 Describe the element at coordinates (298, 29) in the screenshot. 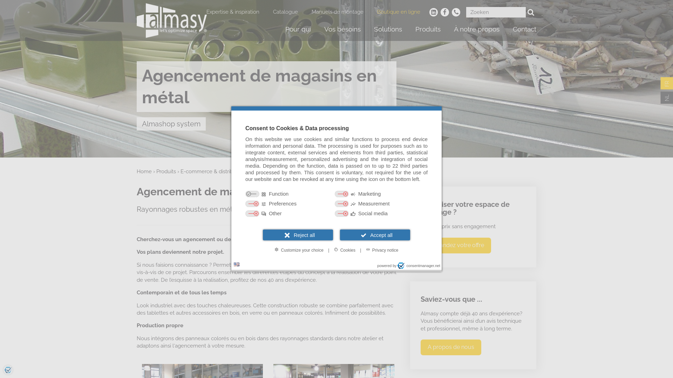

I see `'Pour qui'` at that location.